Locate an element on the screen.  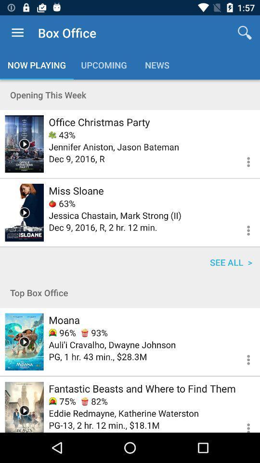
the fantastic beasts and icon is located at coordinates (142, 388).